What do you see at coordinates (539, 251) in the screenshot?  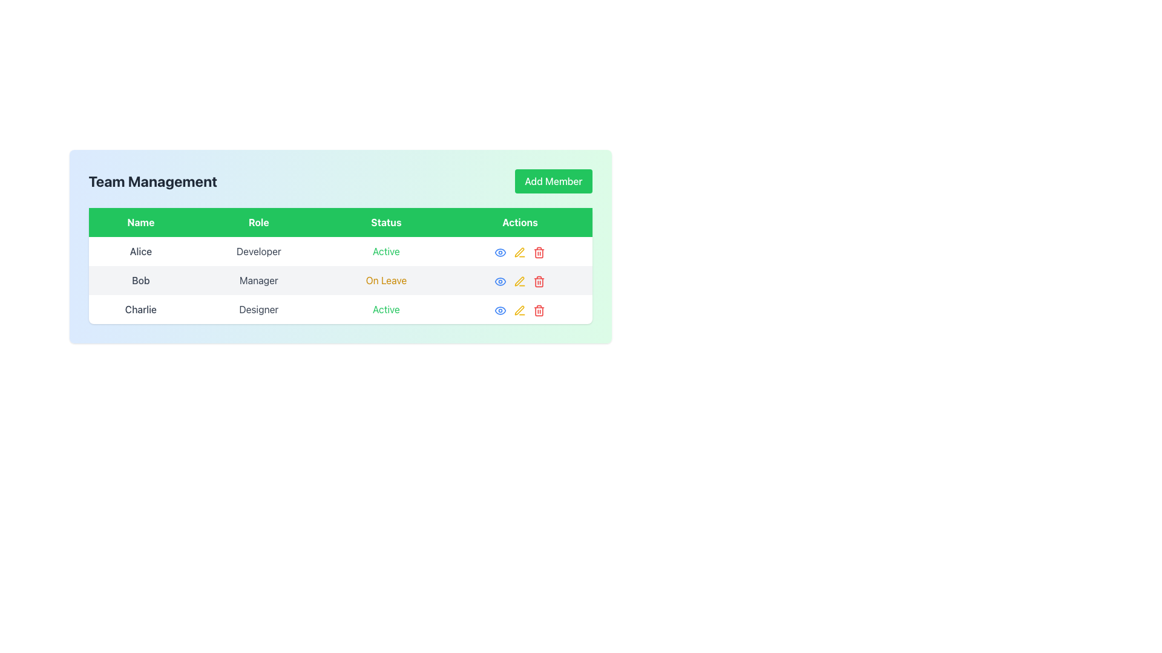 I see `the red trash bin icon in the Actions column of the table` at bounding box center [539, 251].